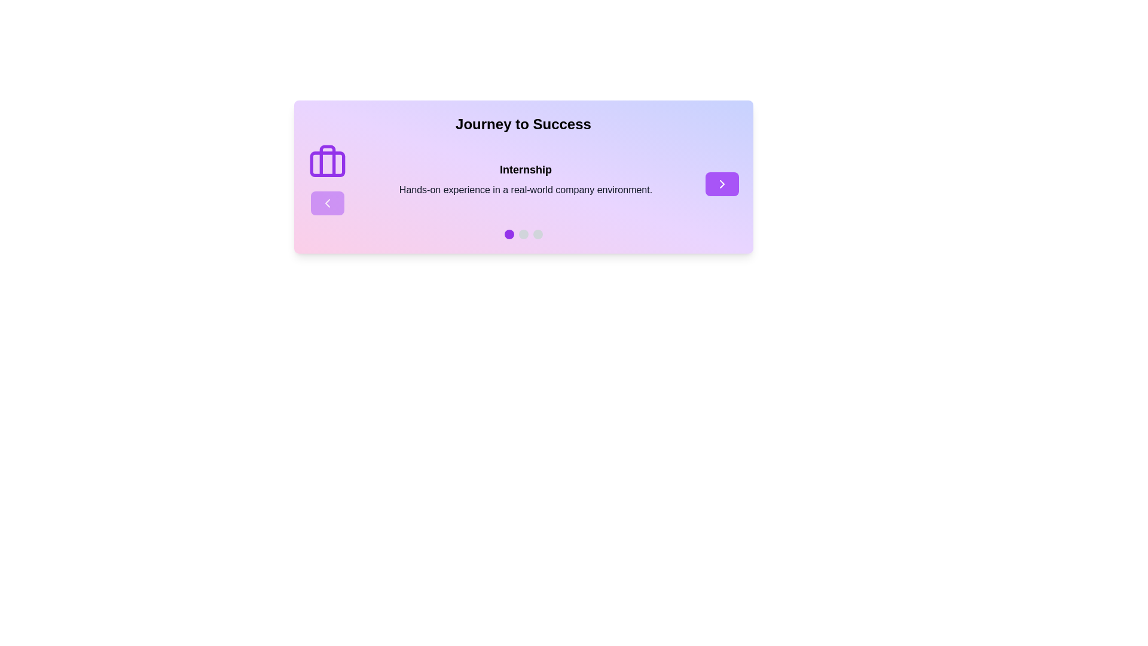 This screenshot has width=1148, height=646. What do you see at coordinates (721, 184) in the screenshot?
I see `the right-pointing arrow icon, which is a triangular navigation indicator located in a button in the right-middle portion of the card component` at bounding box center [721, 184].